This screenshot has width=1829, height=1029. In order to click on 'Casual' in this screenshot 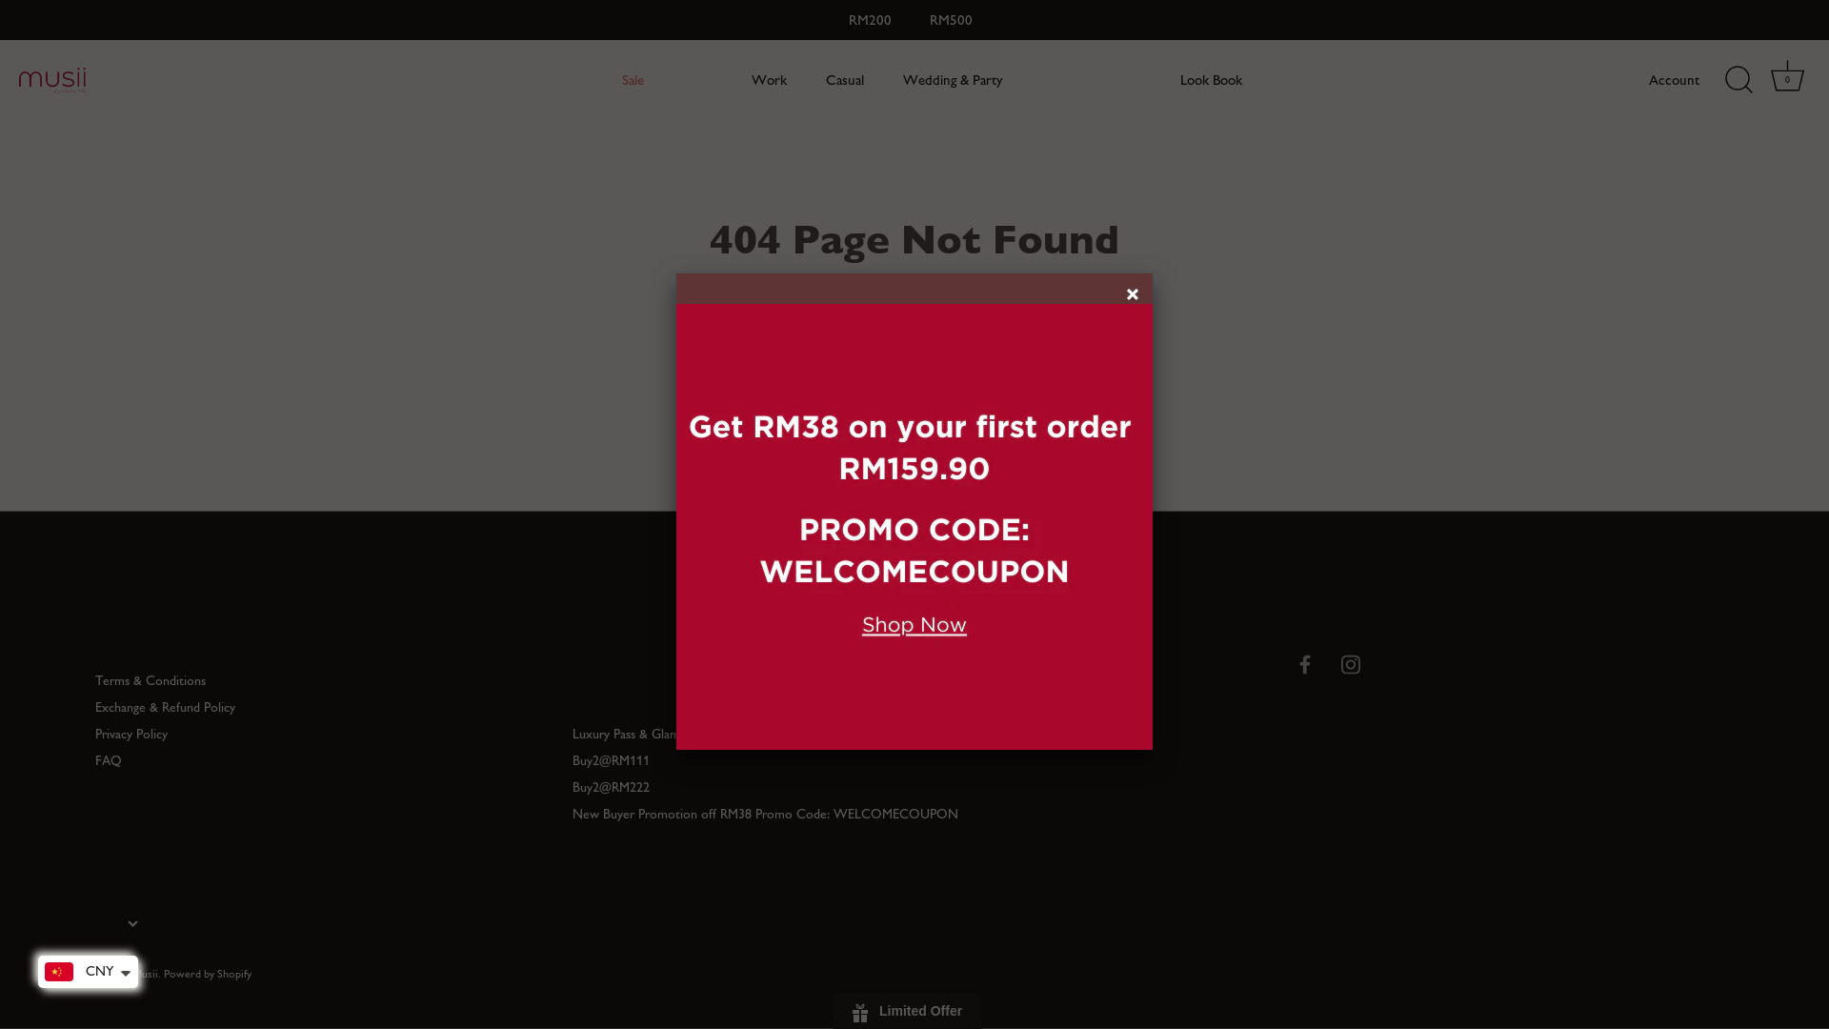, I will do `click(809, 79)`.